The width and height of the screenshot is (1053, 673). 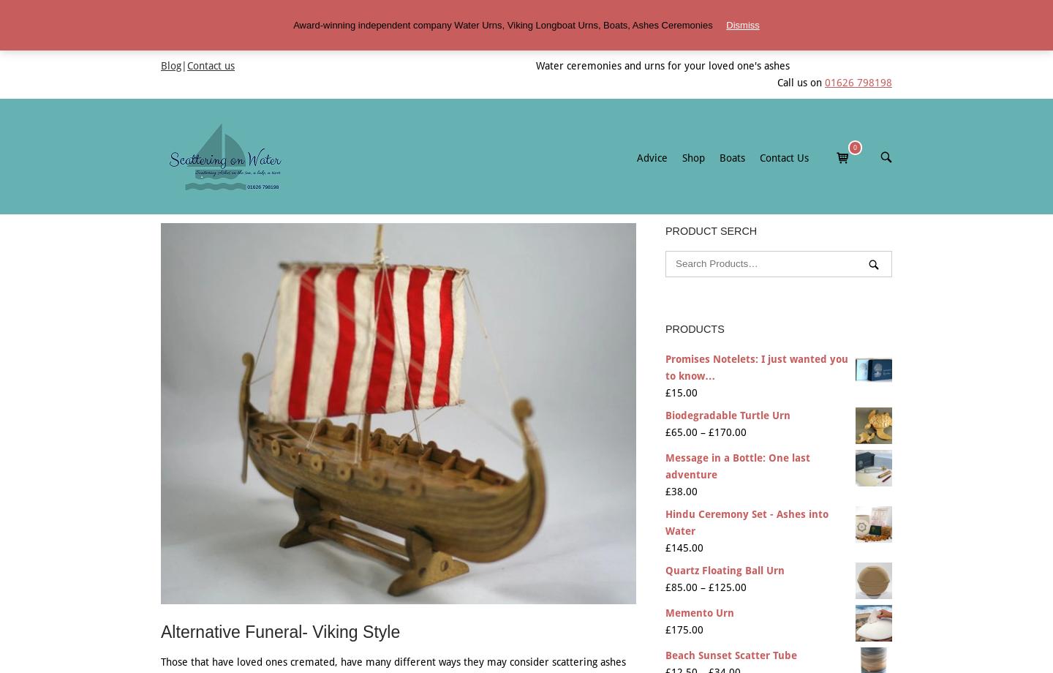 I want to click on 'Award-winning independent company Water Urns, Viking Longboat Urns, Boats, Ashes Ceremonies', so click(x=504, y=25).